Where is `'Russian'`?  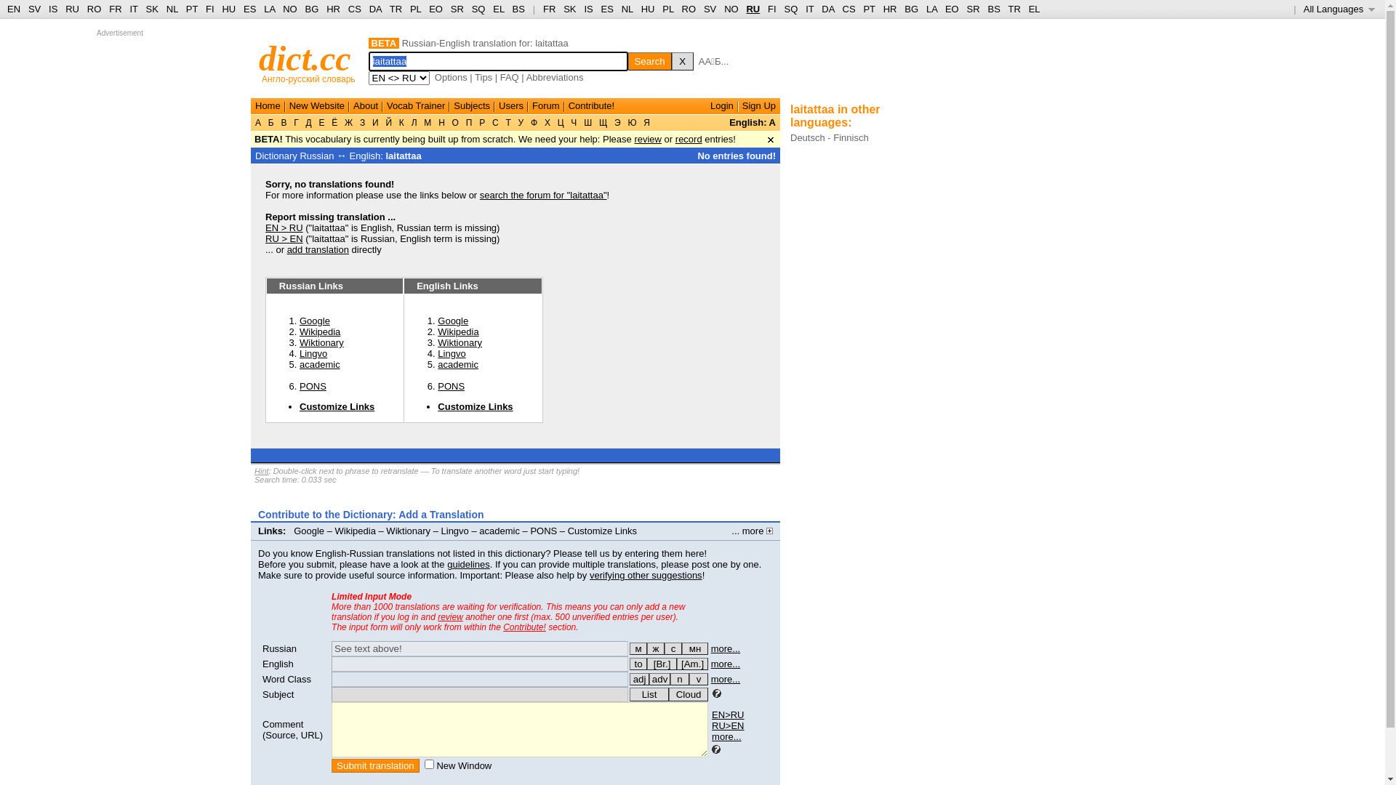
'Russian' is located at coordinates (279, 648).